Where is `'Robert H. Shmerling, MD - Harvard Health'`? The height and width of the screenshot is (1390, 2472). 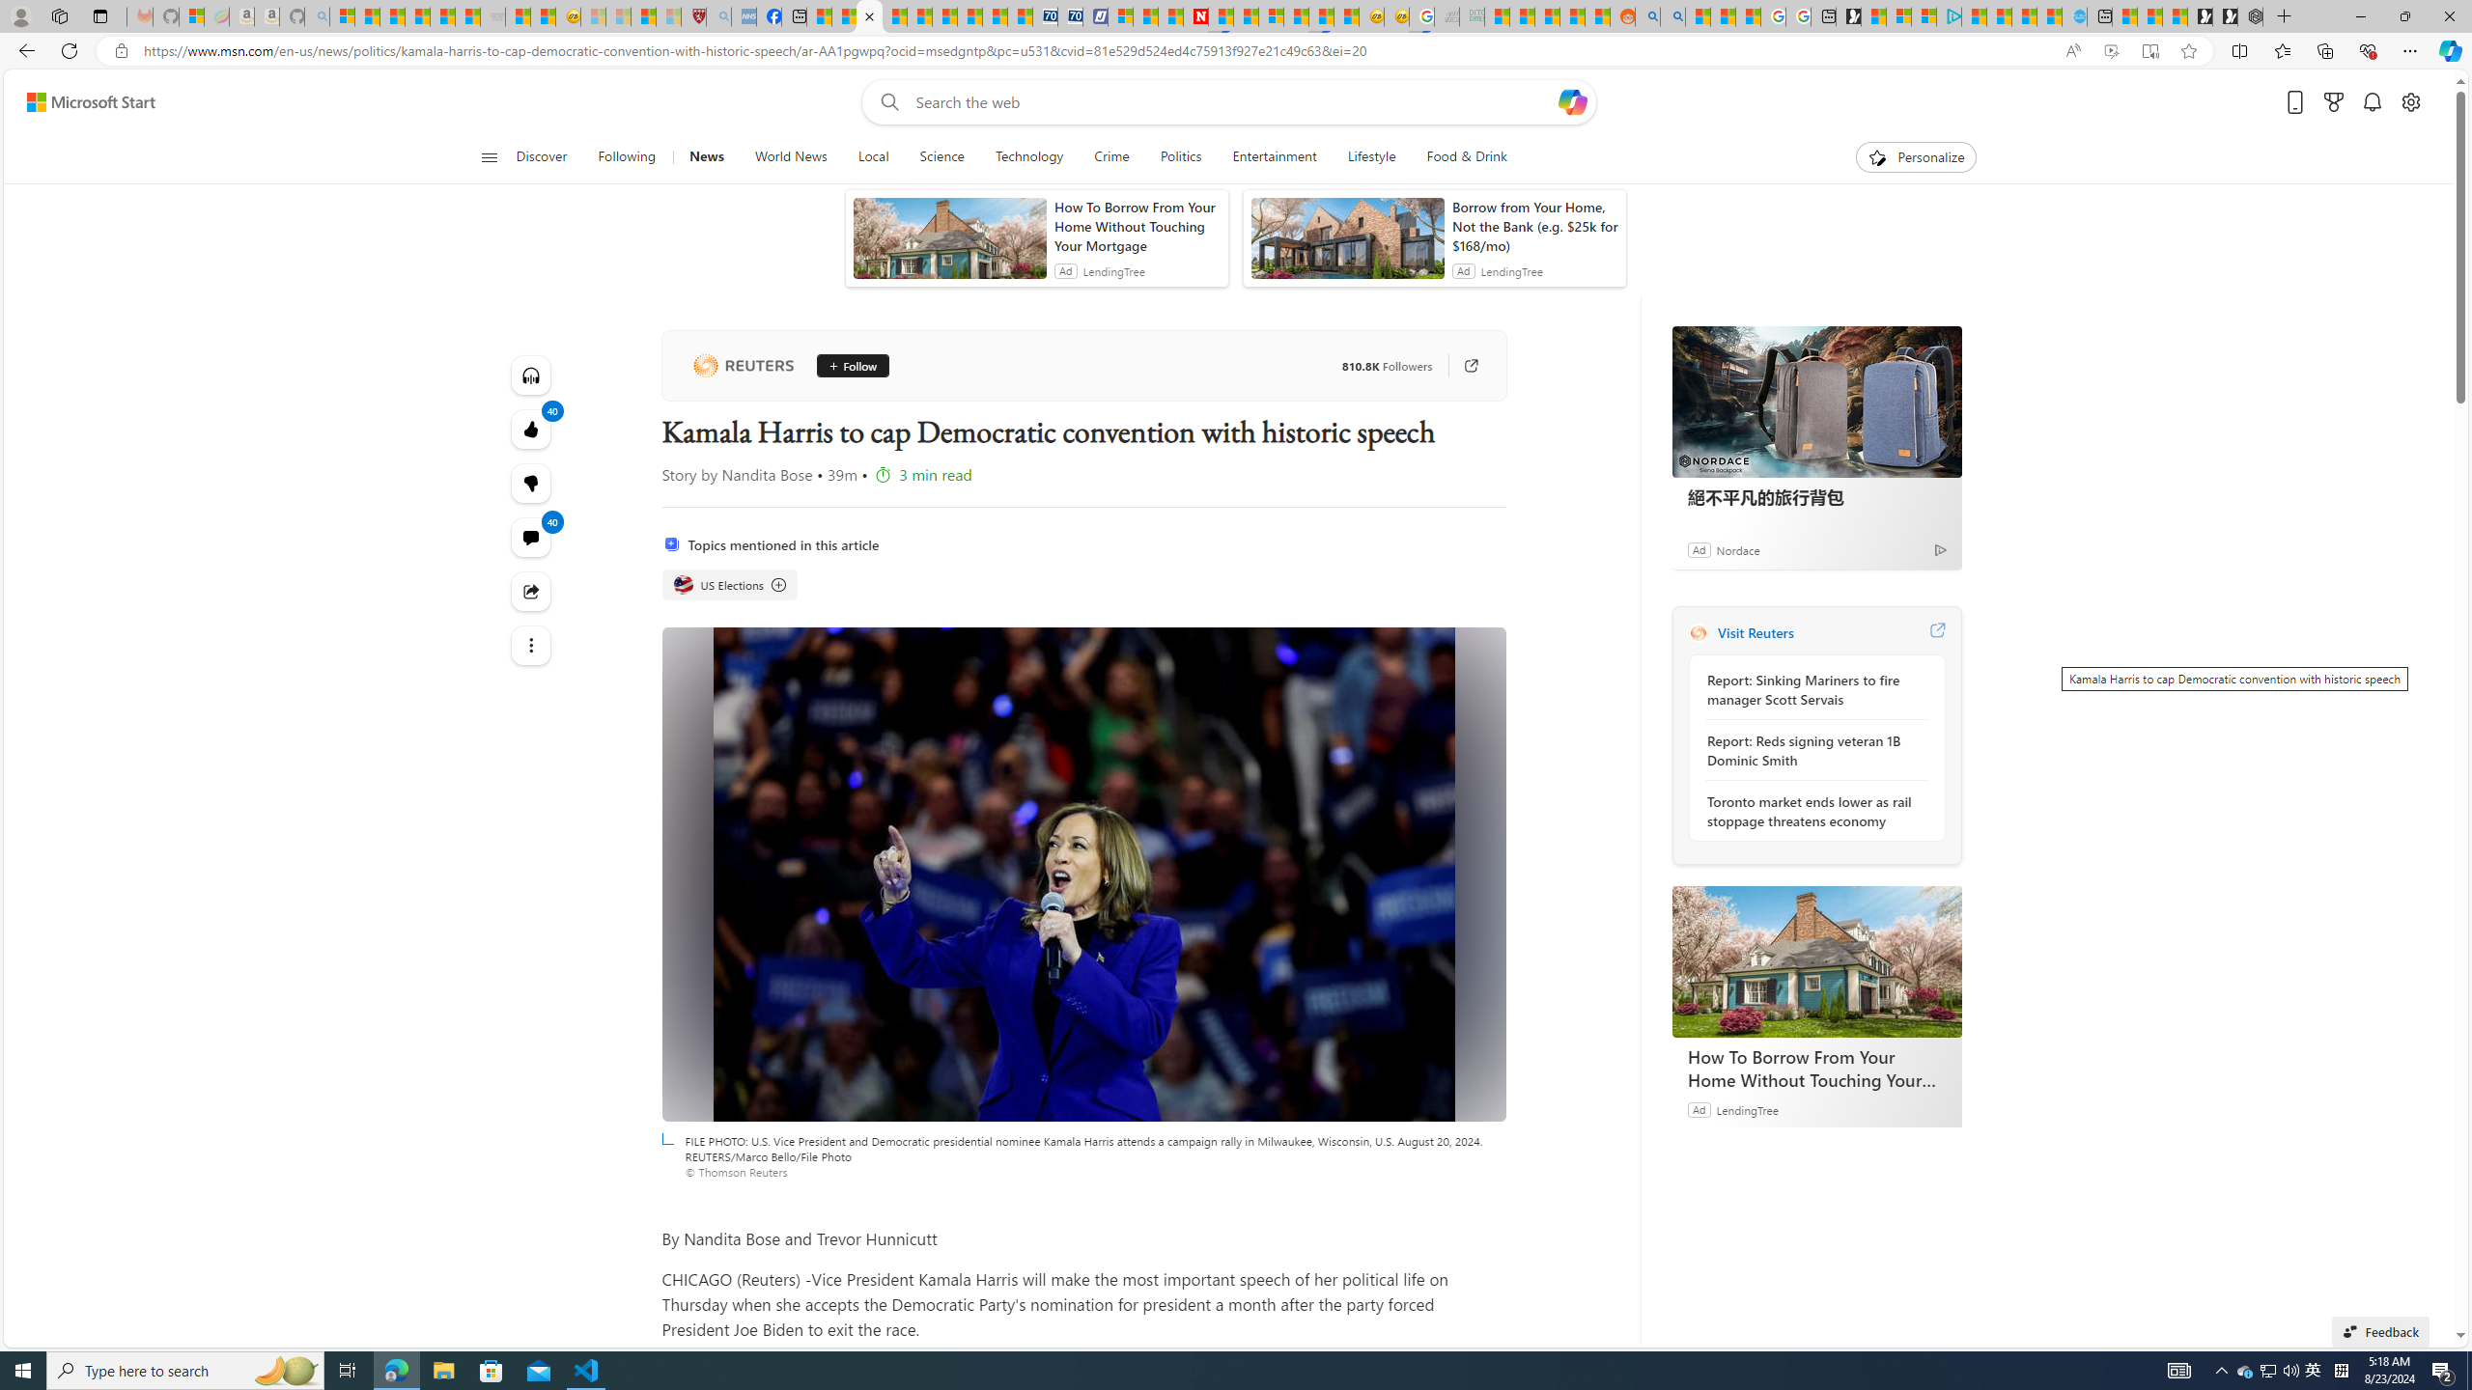 'Robert H. Shmerling, MD - Harvard Health' is located at coordinates (692, 15).